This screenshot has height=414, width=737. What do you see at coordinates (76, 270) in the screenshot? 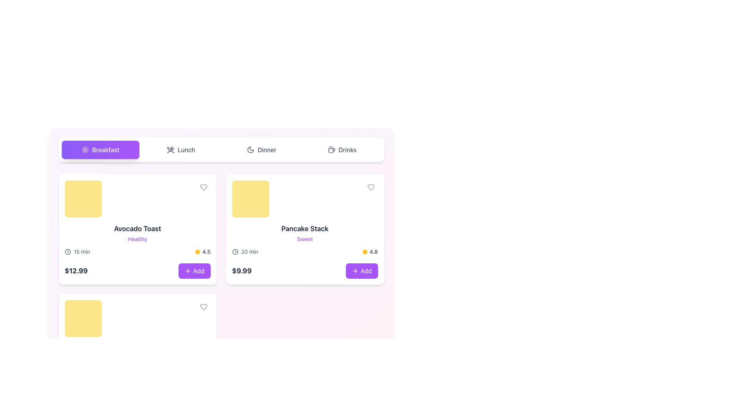
I see `the price text label displaying '$12.99' for the product 'Avocado Toast', located at the bottom left corner of the product card` at bounding box center [76, 270].